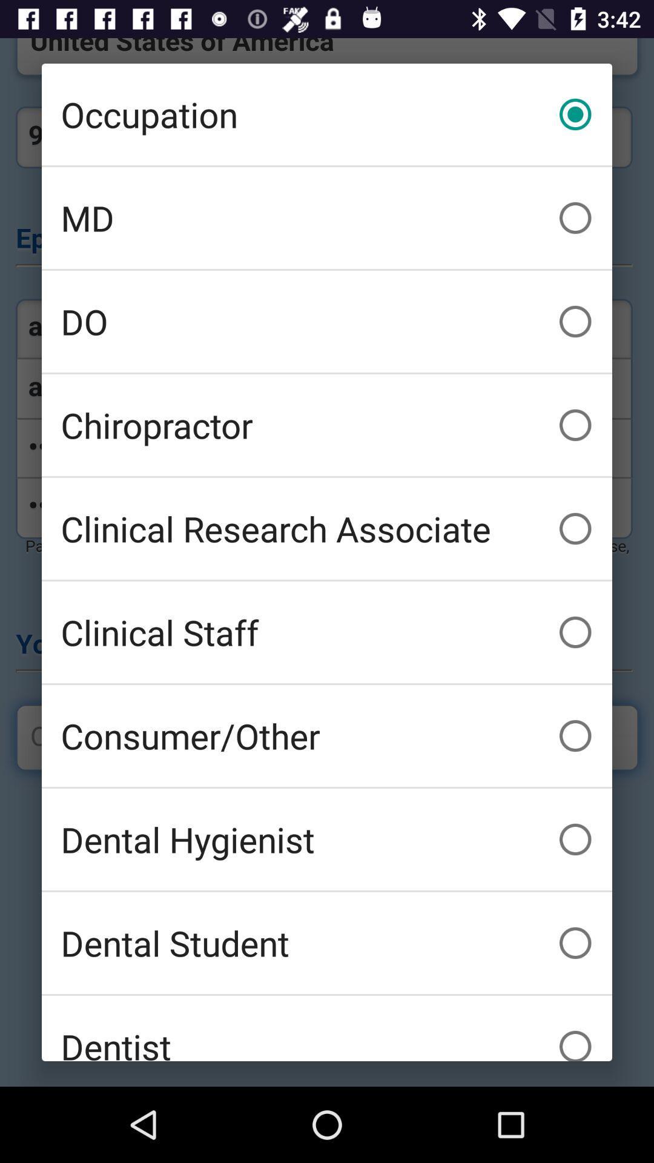  I want to click on the md, so click(327, 218).